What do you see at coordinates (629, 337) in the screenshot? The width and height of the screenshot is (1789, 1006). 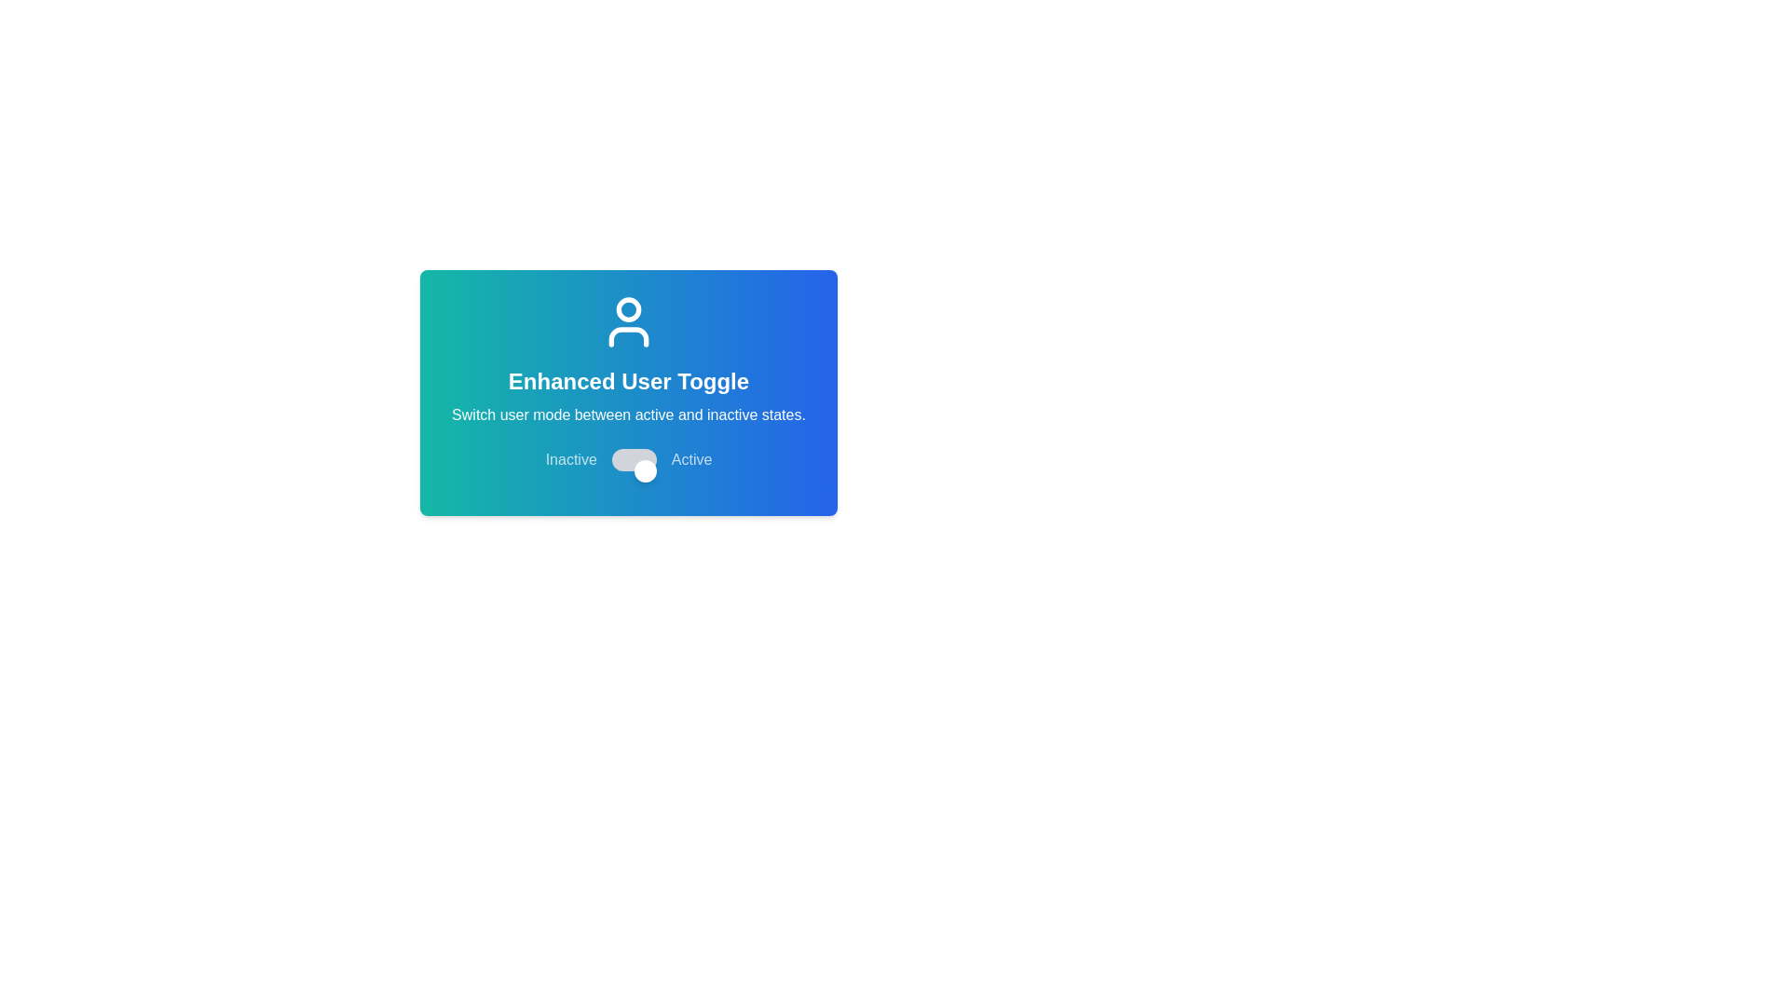 I see `the curved rectangular shape below the circular outline of the user icon located at the top of the card with a gradient blue-green background` at bounding box center [629, 337].